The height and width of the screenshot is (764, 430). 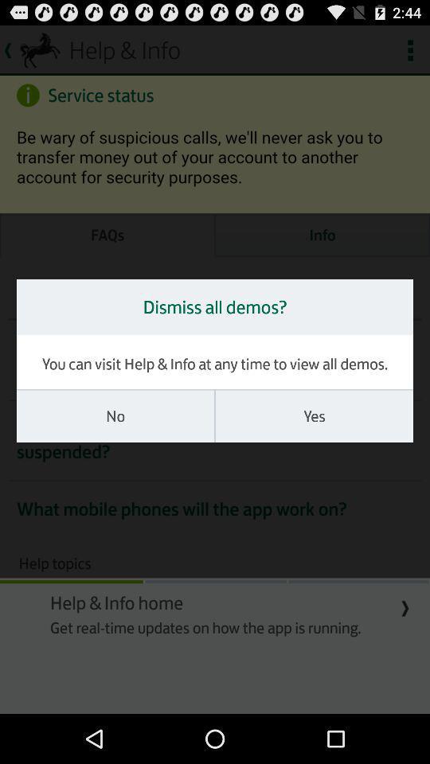 What do you see at coordinates (115, 415) in the screenshot?
I see `no item` at bounding box center [115, 415].